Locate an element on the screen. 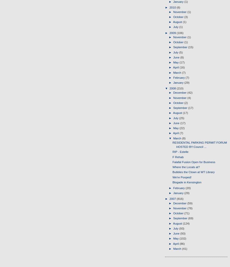  '(69)' is located at coordinates (190, 218).